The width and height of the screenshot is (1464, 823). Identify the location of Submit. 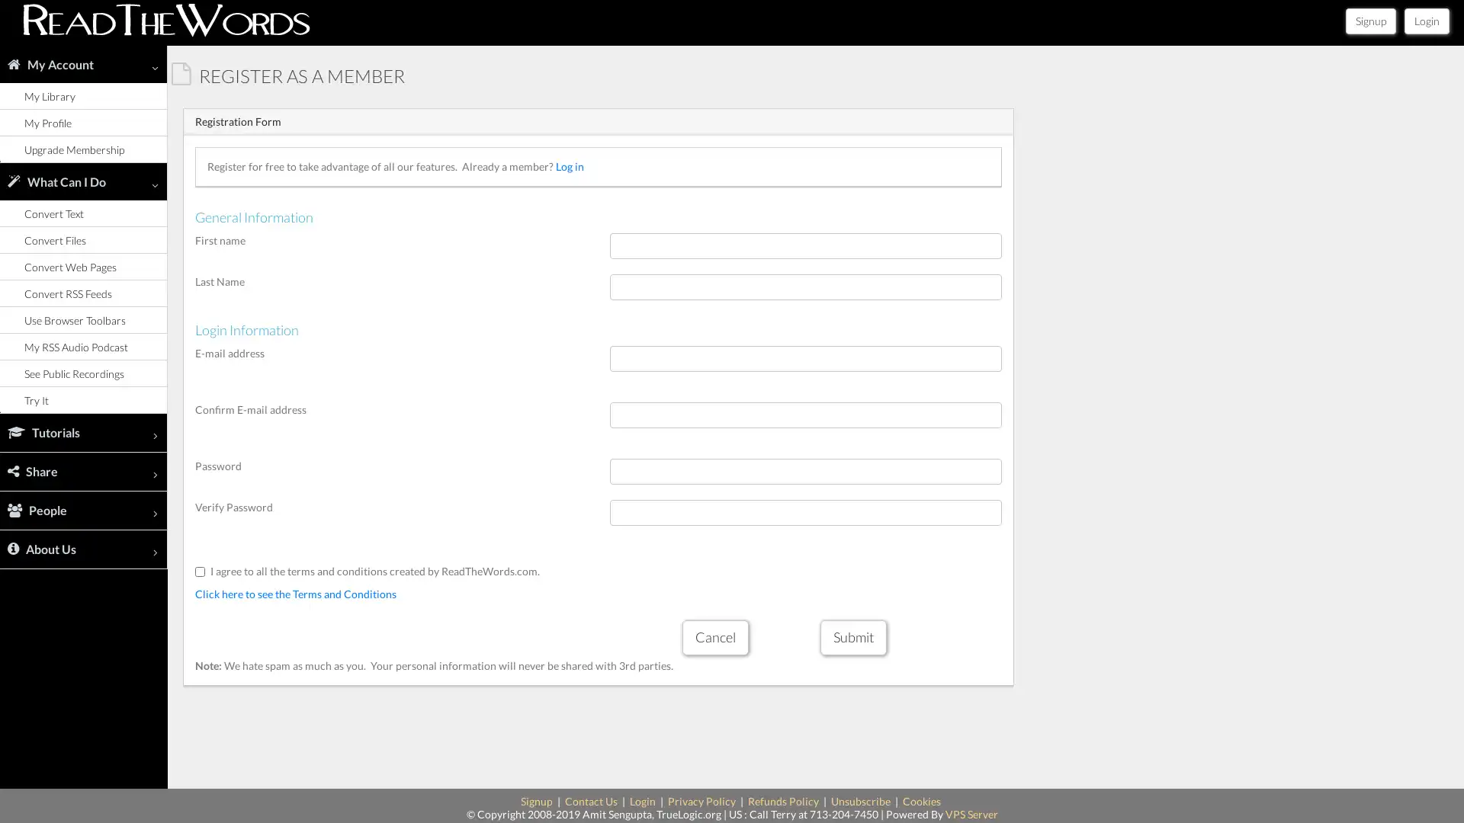
(852, 637).